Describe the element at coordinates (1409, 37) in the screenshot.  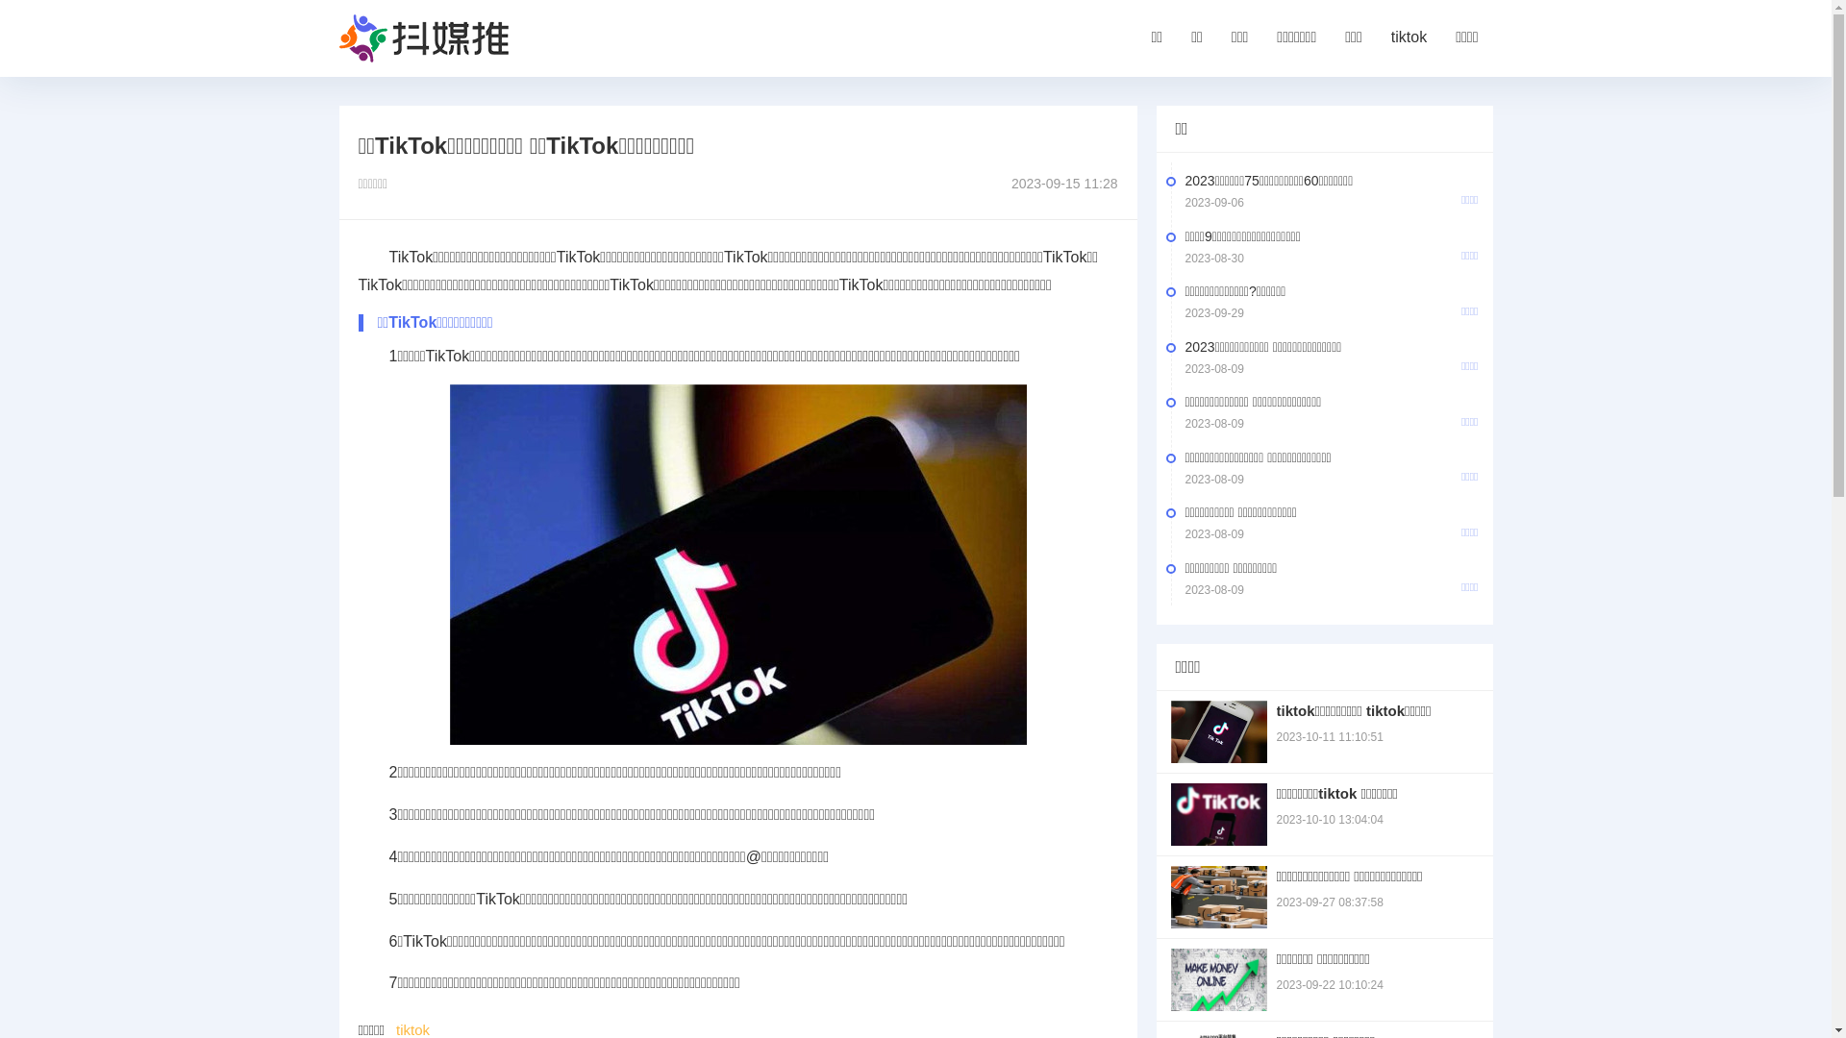
I see `'tiktok'` at that location.